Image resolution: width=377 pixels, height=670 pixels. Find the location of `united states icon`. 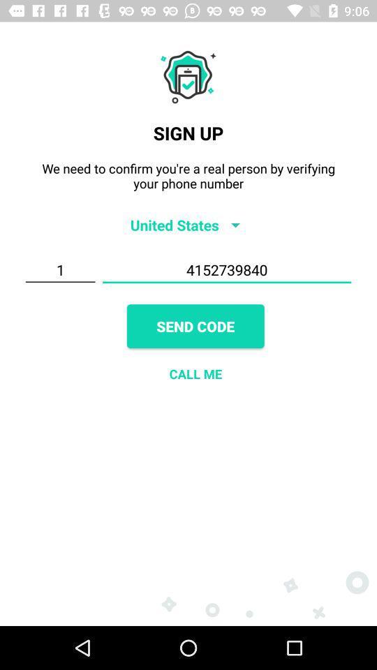

united states icon is located at coordinates (188, 225).